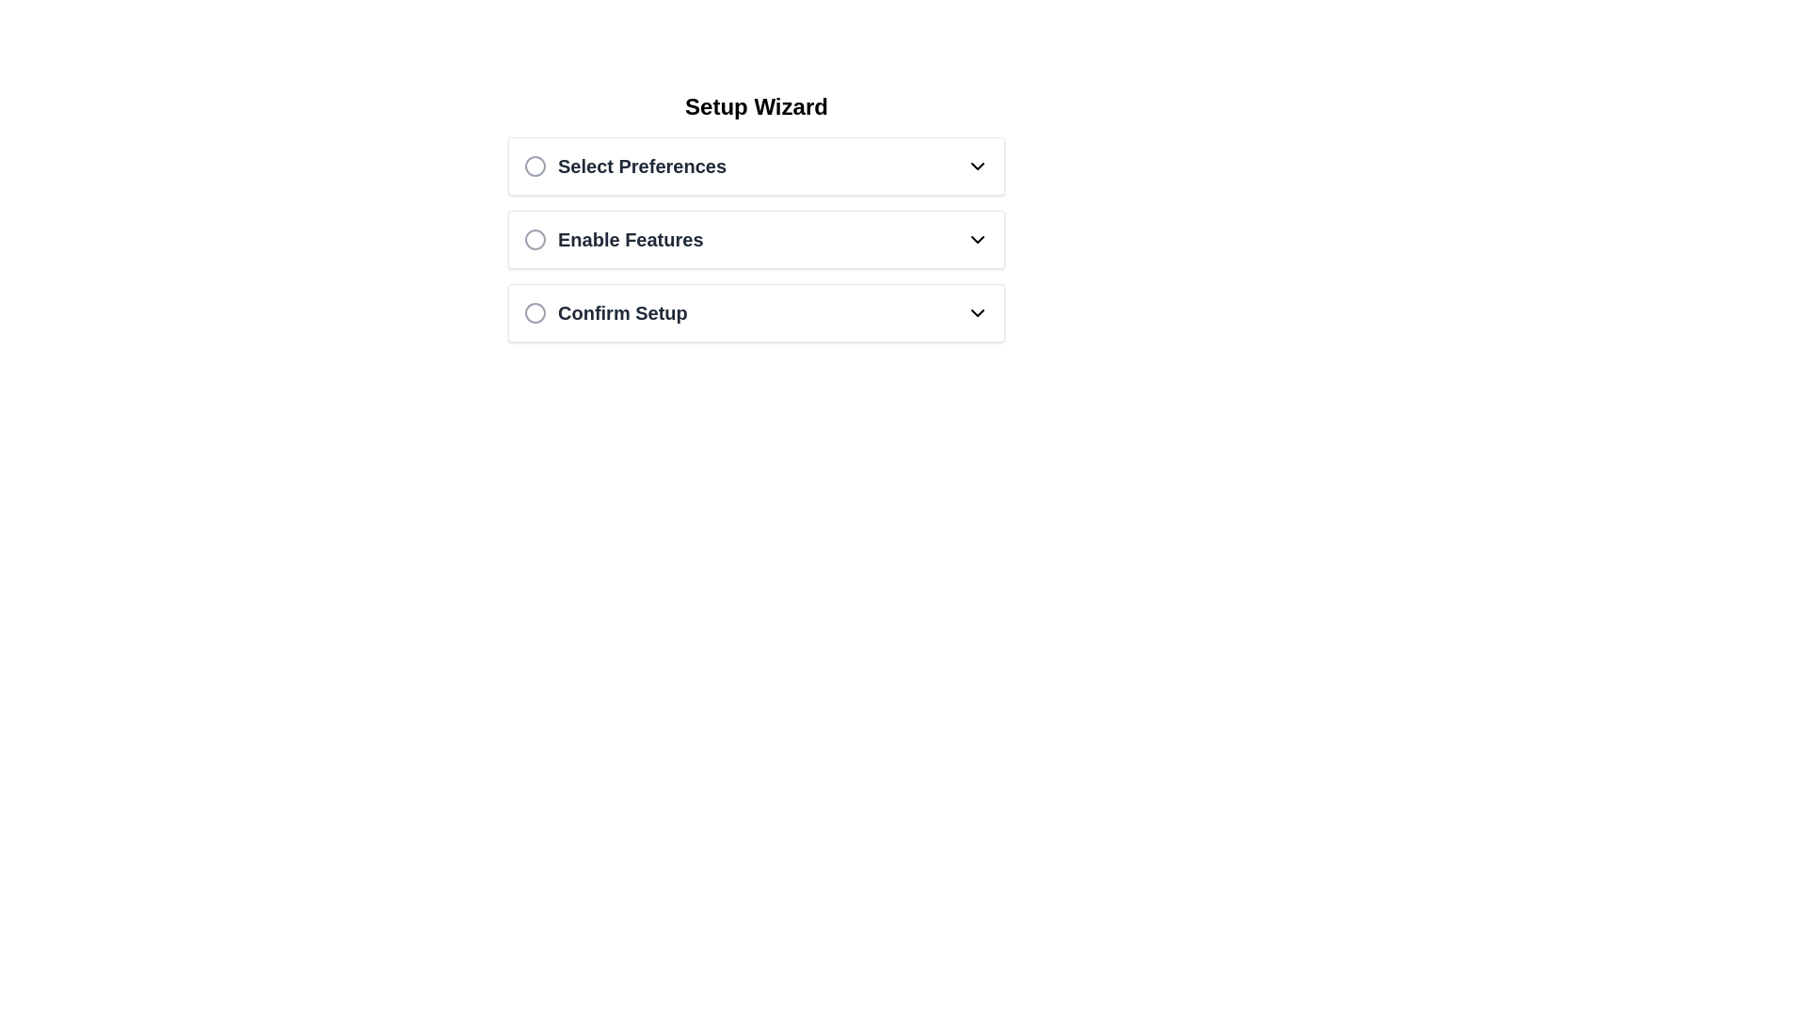 Image resolution: width=1807 pixels, height=1016 pixels. I want to click on the Radio button indicator for the 'Enable Features' option, which is a circular component located next to the text 'Enable Features' in the second option of a three-step setup wizard, so click(535, 238).